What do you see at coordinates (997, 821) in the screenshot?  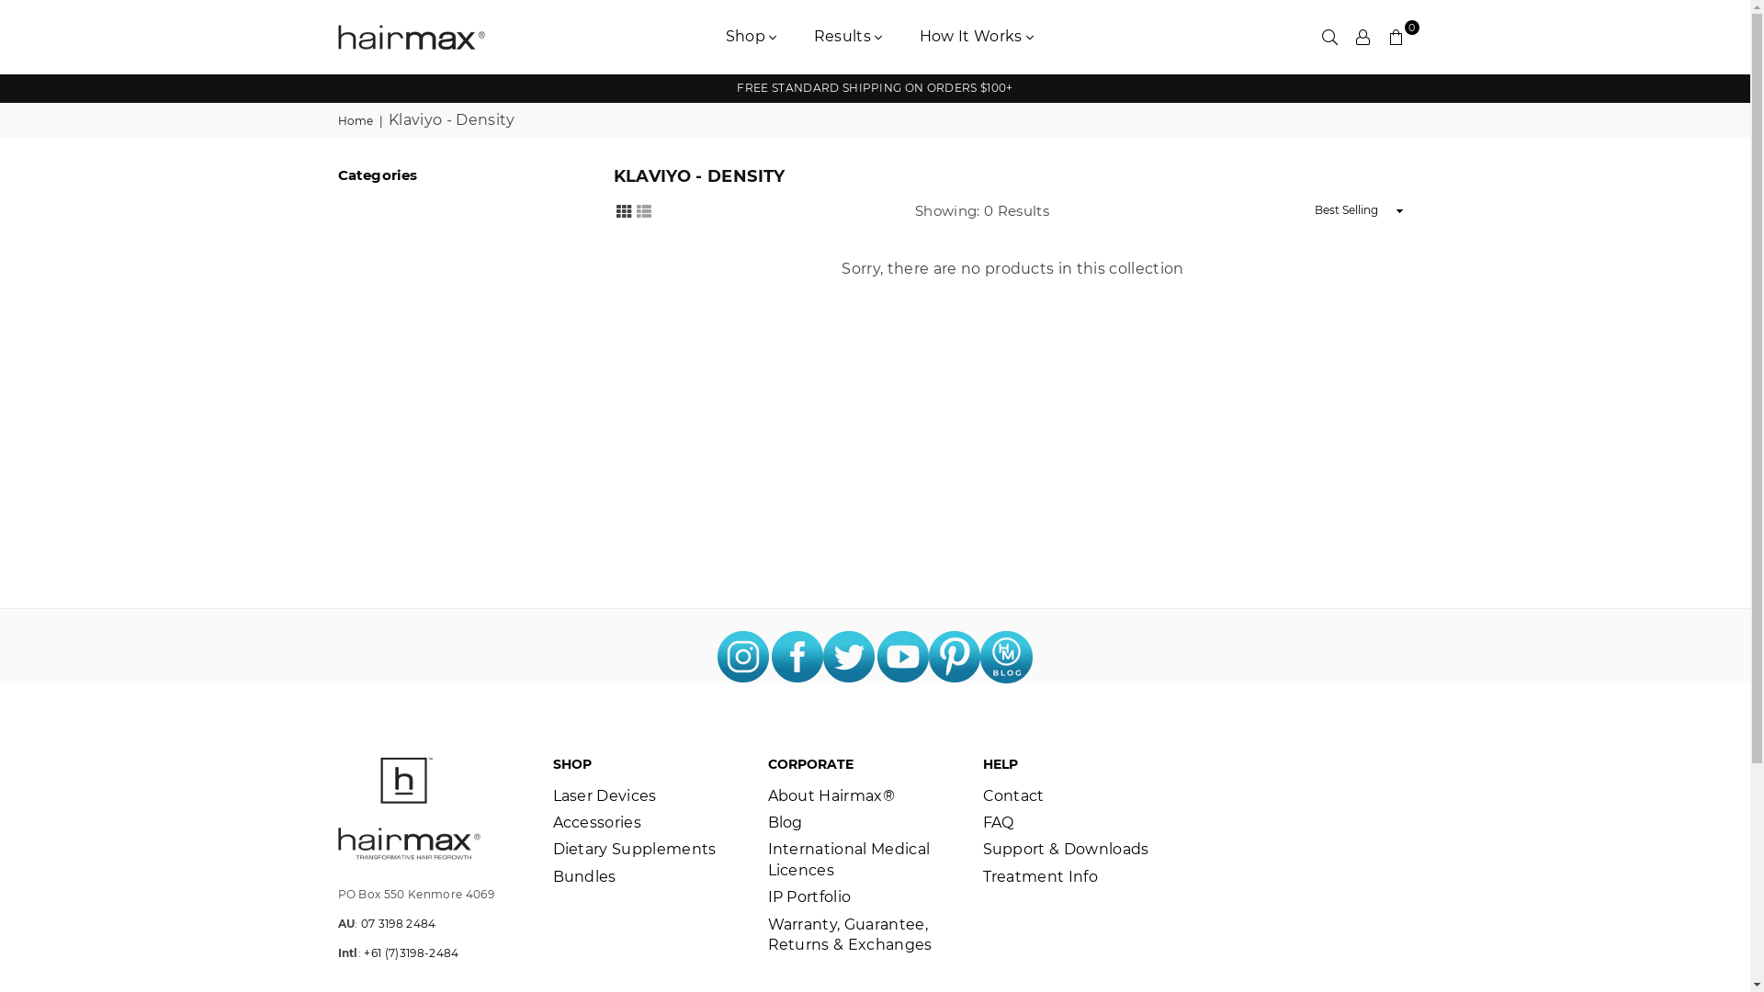 I see `'FAQ'` at bounding box center [997, 821].